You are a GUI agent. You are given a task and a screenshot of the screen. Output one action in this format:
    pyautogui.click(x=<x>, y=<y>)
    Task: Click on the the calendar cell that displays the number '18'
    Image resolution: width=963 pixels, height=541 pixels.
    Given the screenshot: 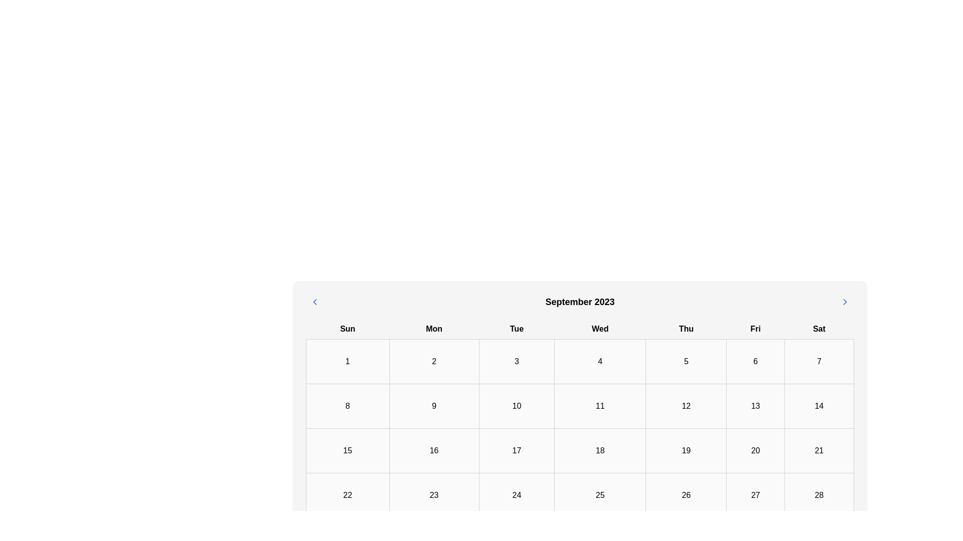 What is the action you would take?
    pyautogui.click(x=600, y=450)
    